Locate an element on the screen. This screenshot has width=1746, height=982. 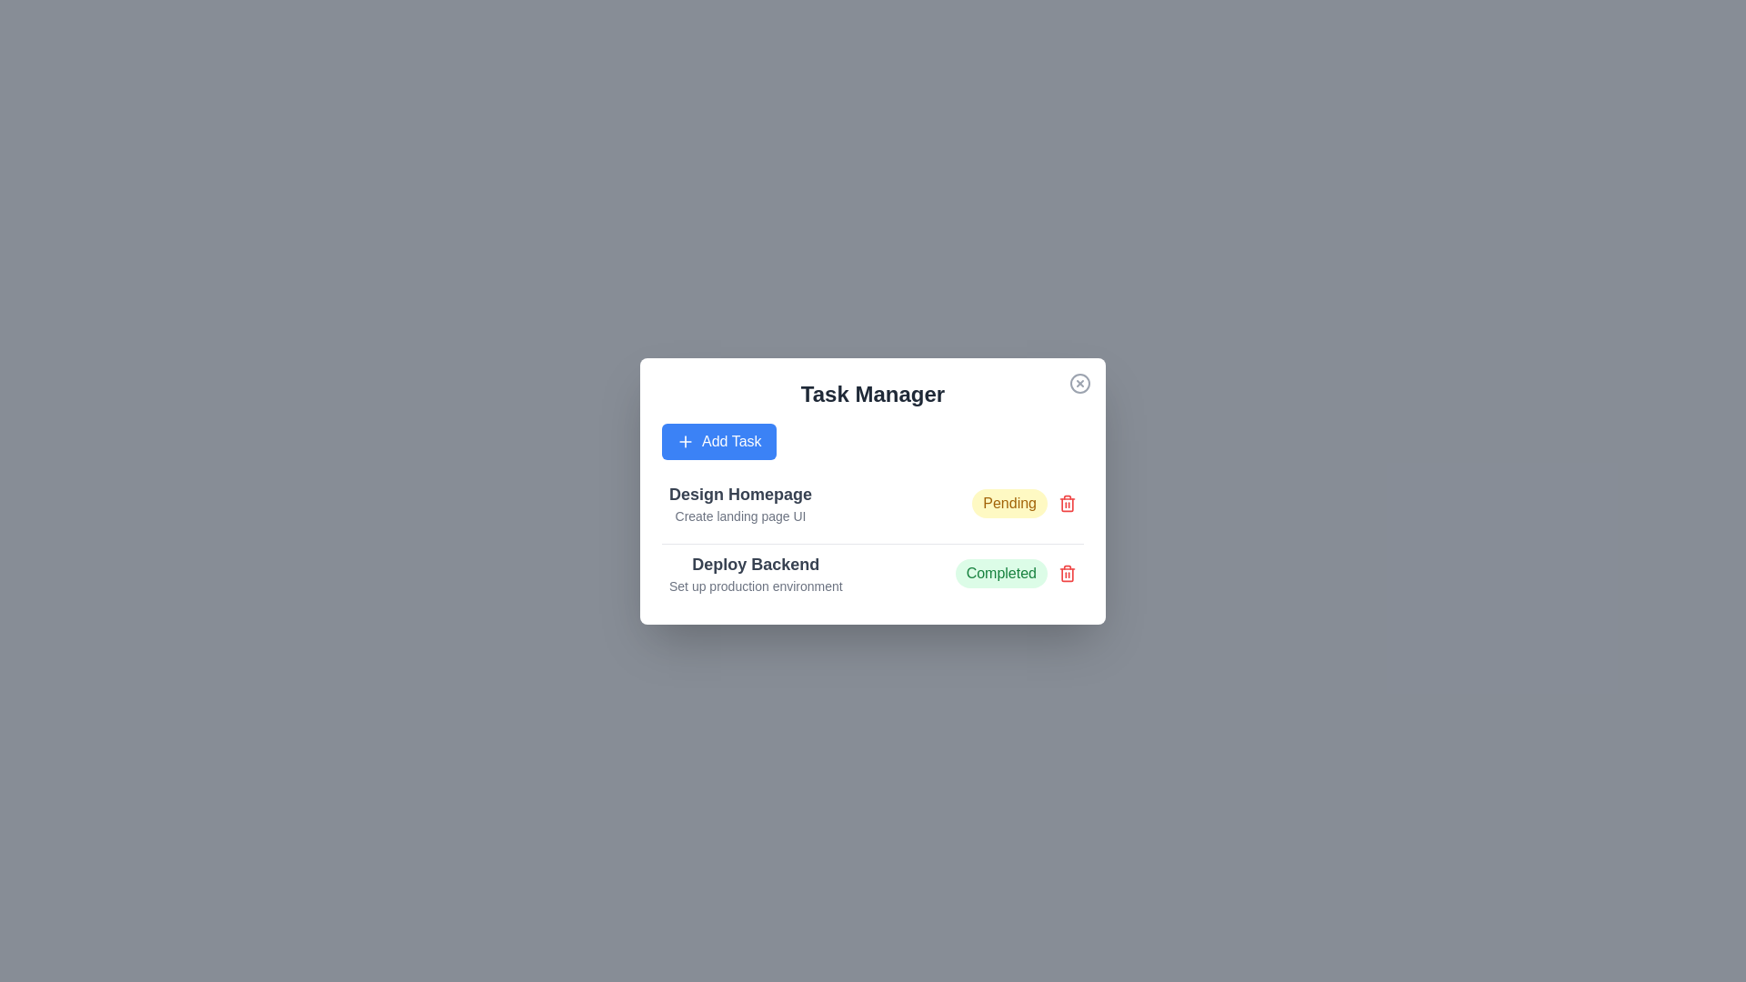
title text label of the task in the task management interface, which is centrally positioned within the task card is located at coordinates (740, 494).